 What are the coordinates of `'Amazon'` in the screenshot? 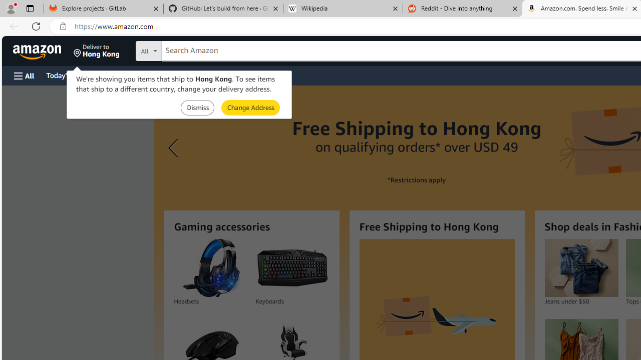 It's located at (38, 50).